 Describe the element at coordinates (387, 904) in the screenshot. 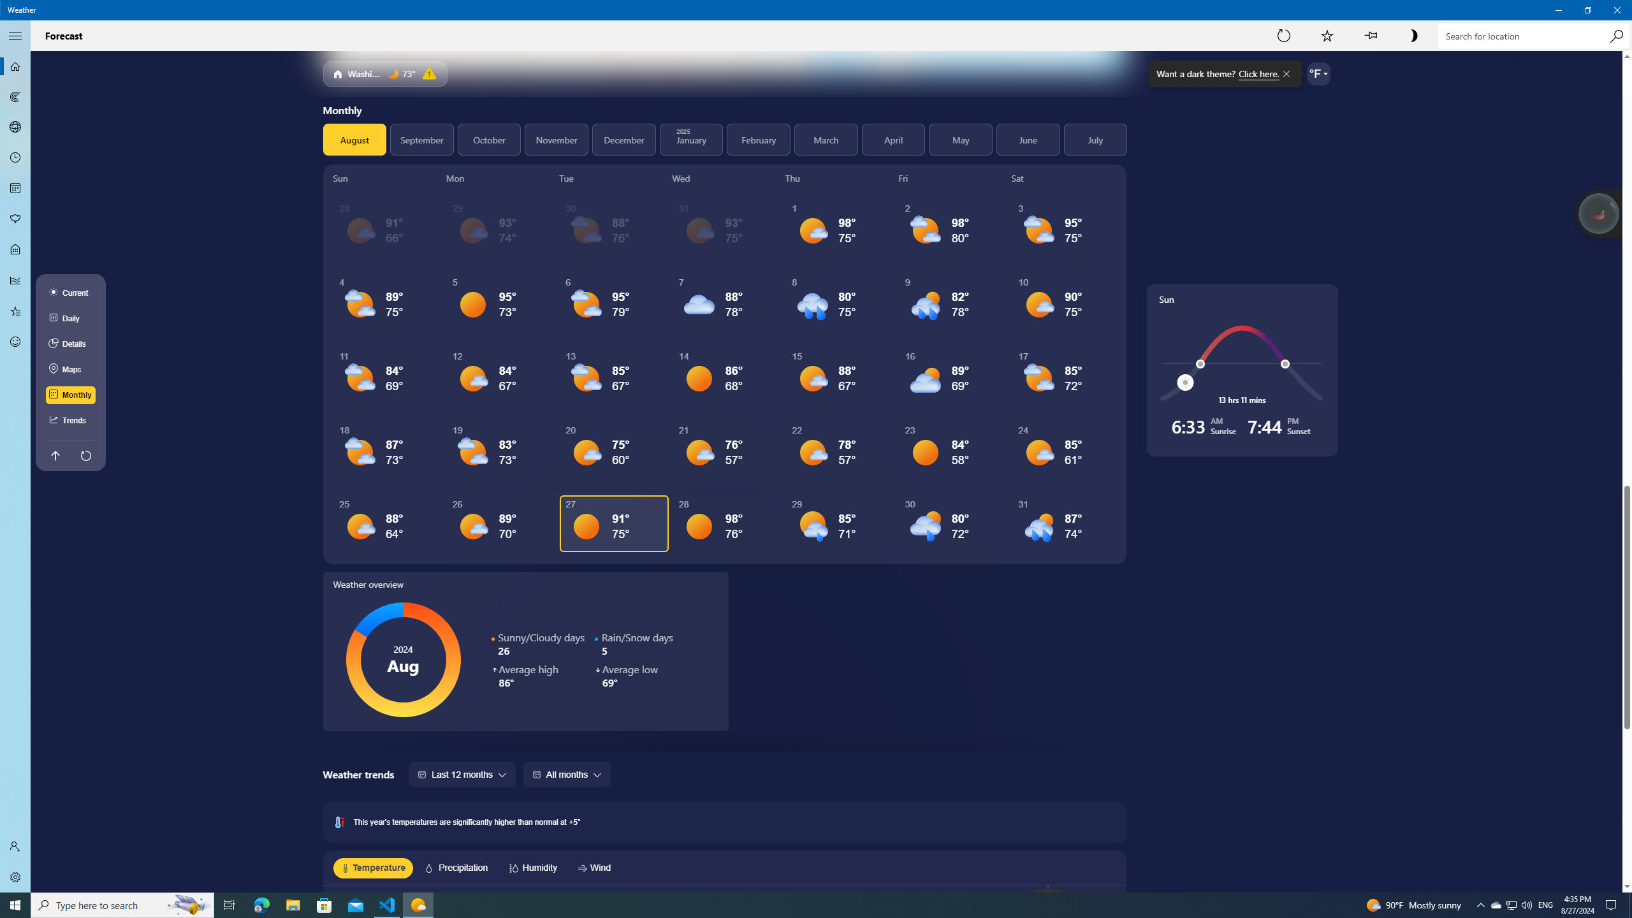

I see `'Visual Studio Code - 1 running window'` at that location.